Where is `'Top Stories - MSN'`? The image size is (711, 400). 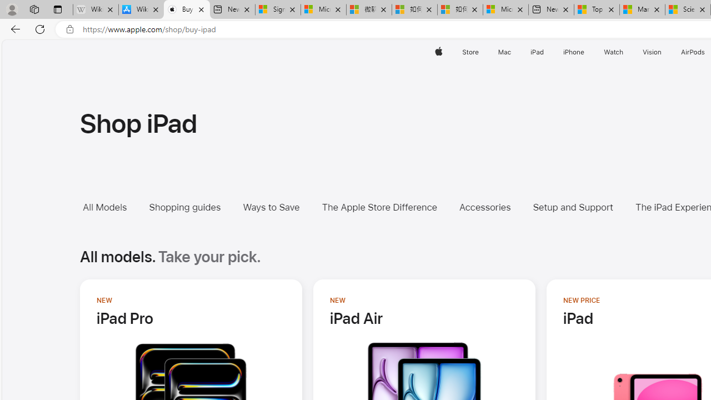 'Top Stories - MSN' is located at coordinates (596, 9).